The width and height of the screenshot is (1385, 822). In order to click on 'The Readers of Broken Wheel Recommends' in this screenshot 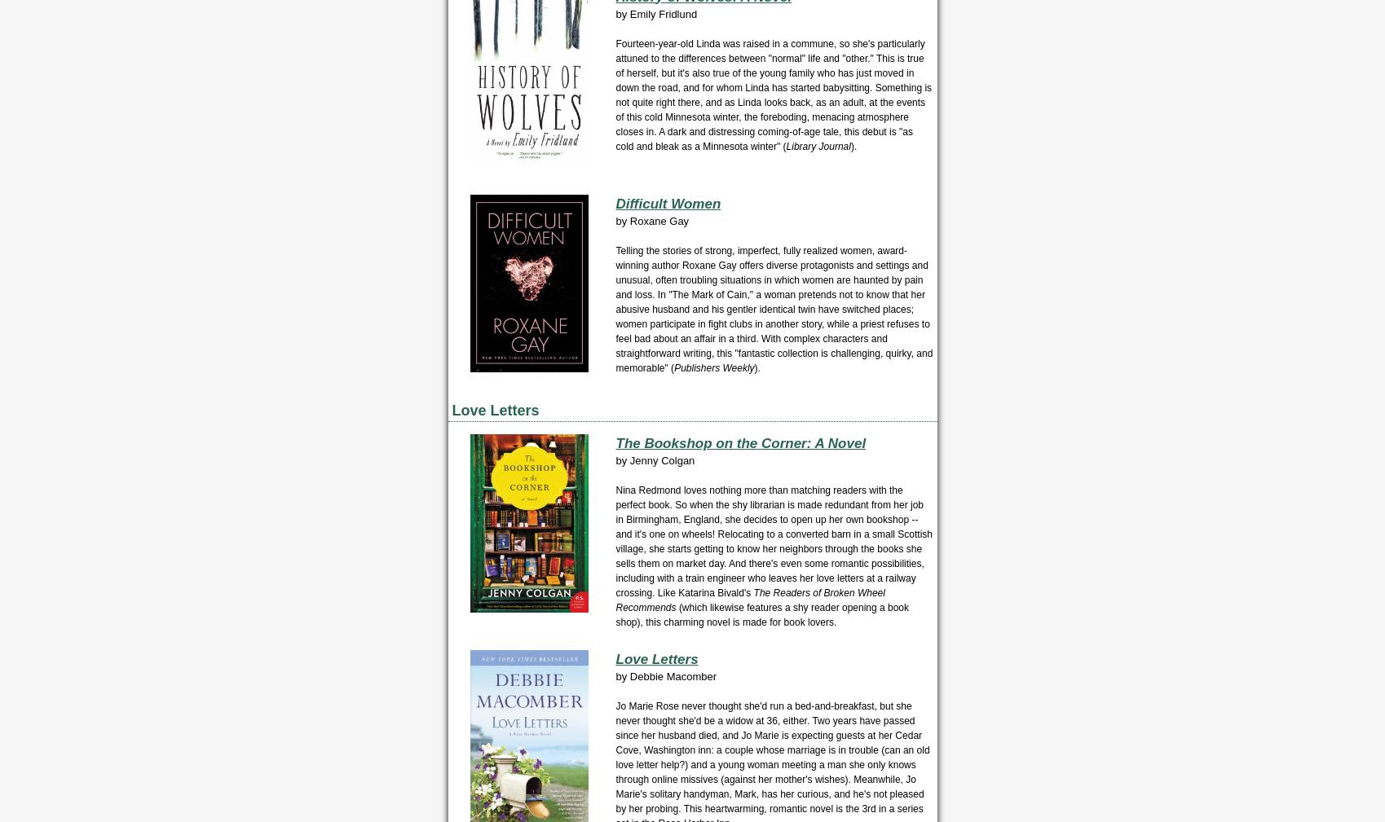, I will do `click(615, 600)`.